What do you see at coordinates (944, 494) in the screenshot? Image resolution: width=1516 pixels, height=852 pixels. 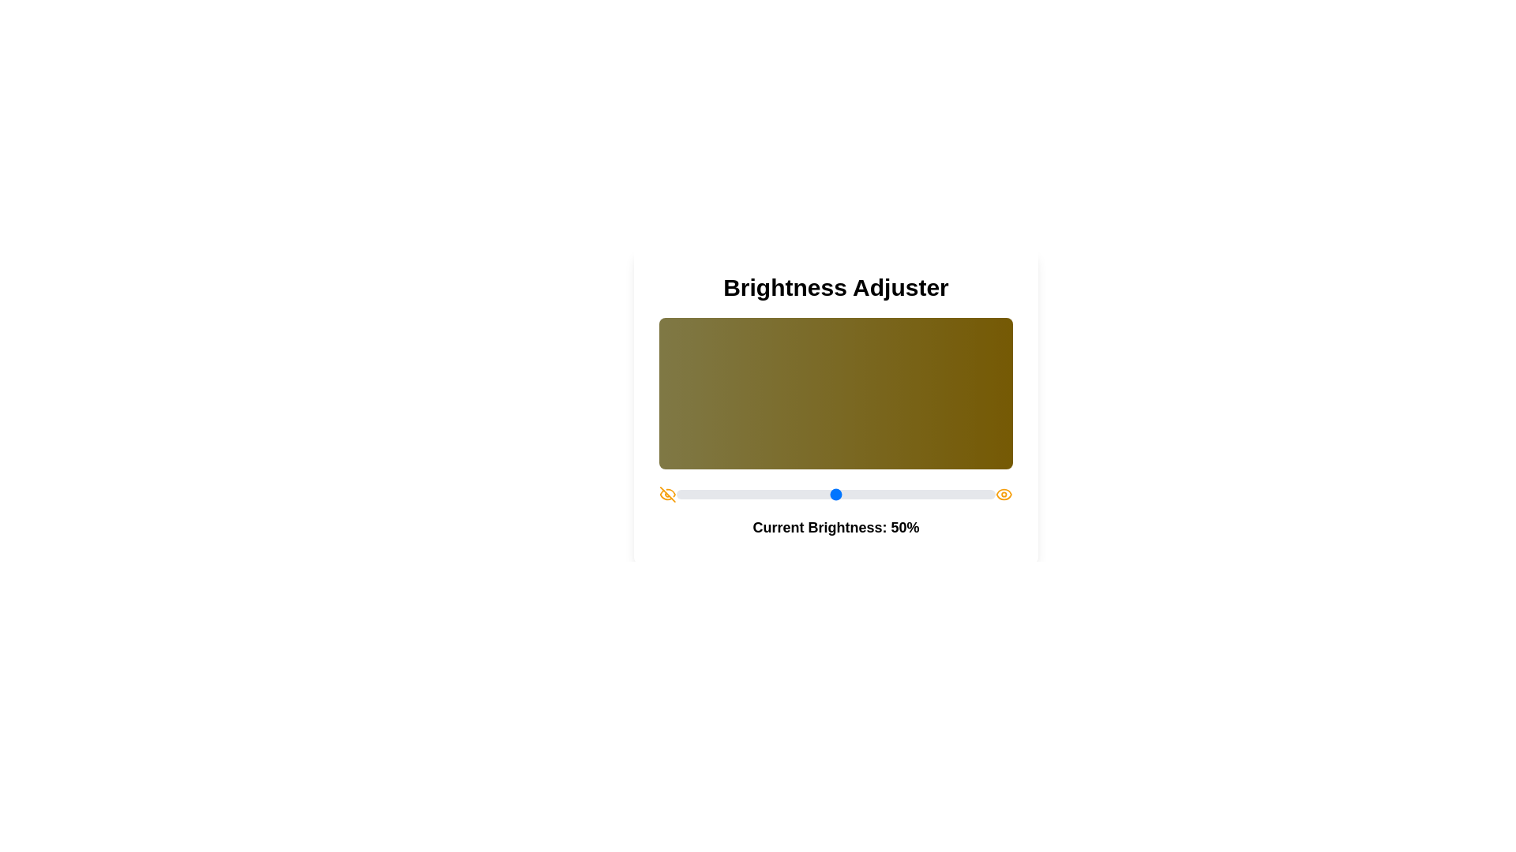 I see `the brightness slider to set the brightness to 84%` at bounding box center [944, 494].